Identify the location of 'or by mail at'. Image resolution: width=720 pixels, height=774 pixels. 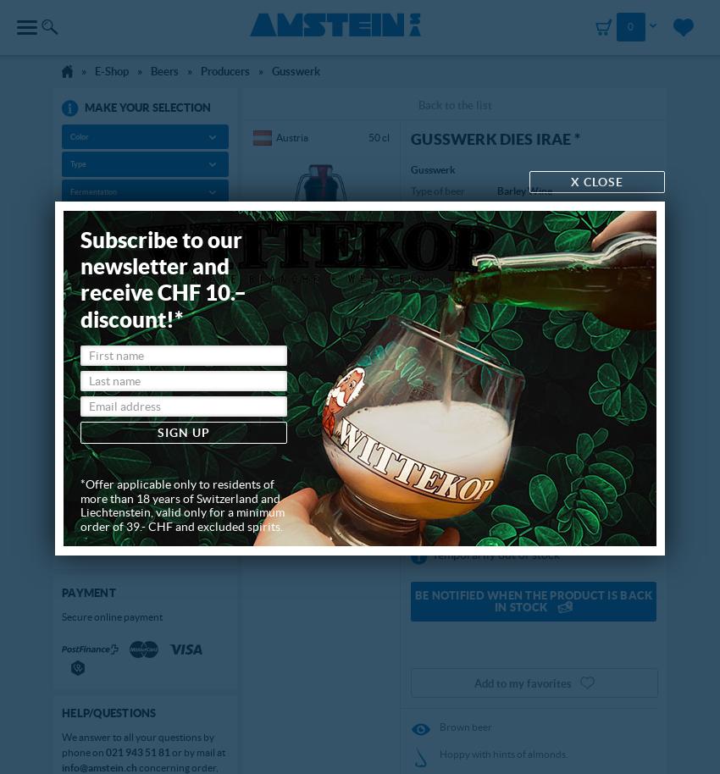
(197, 750).